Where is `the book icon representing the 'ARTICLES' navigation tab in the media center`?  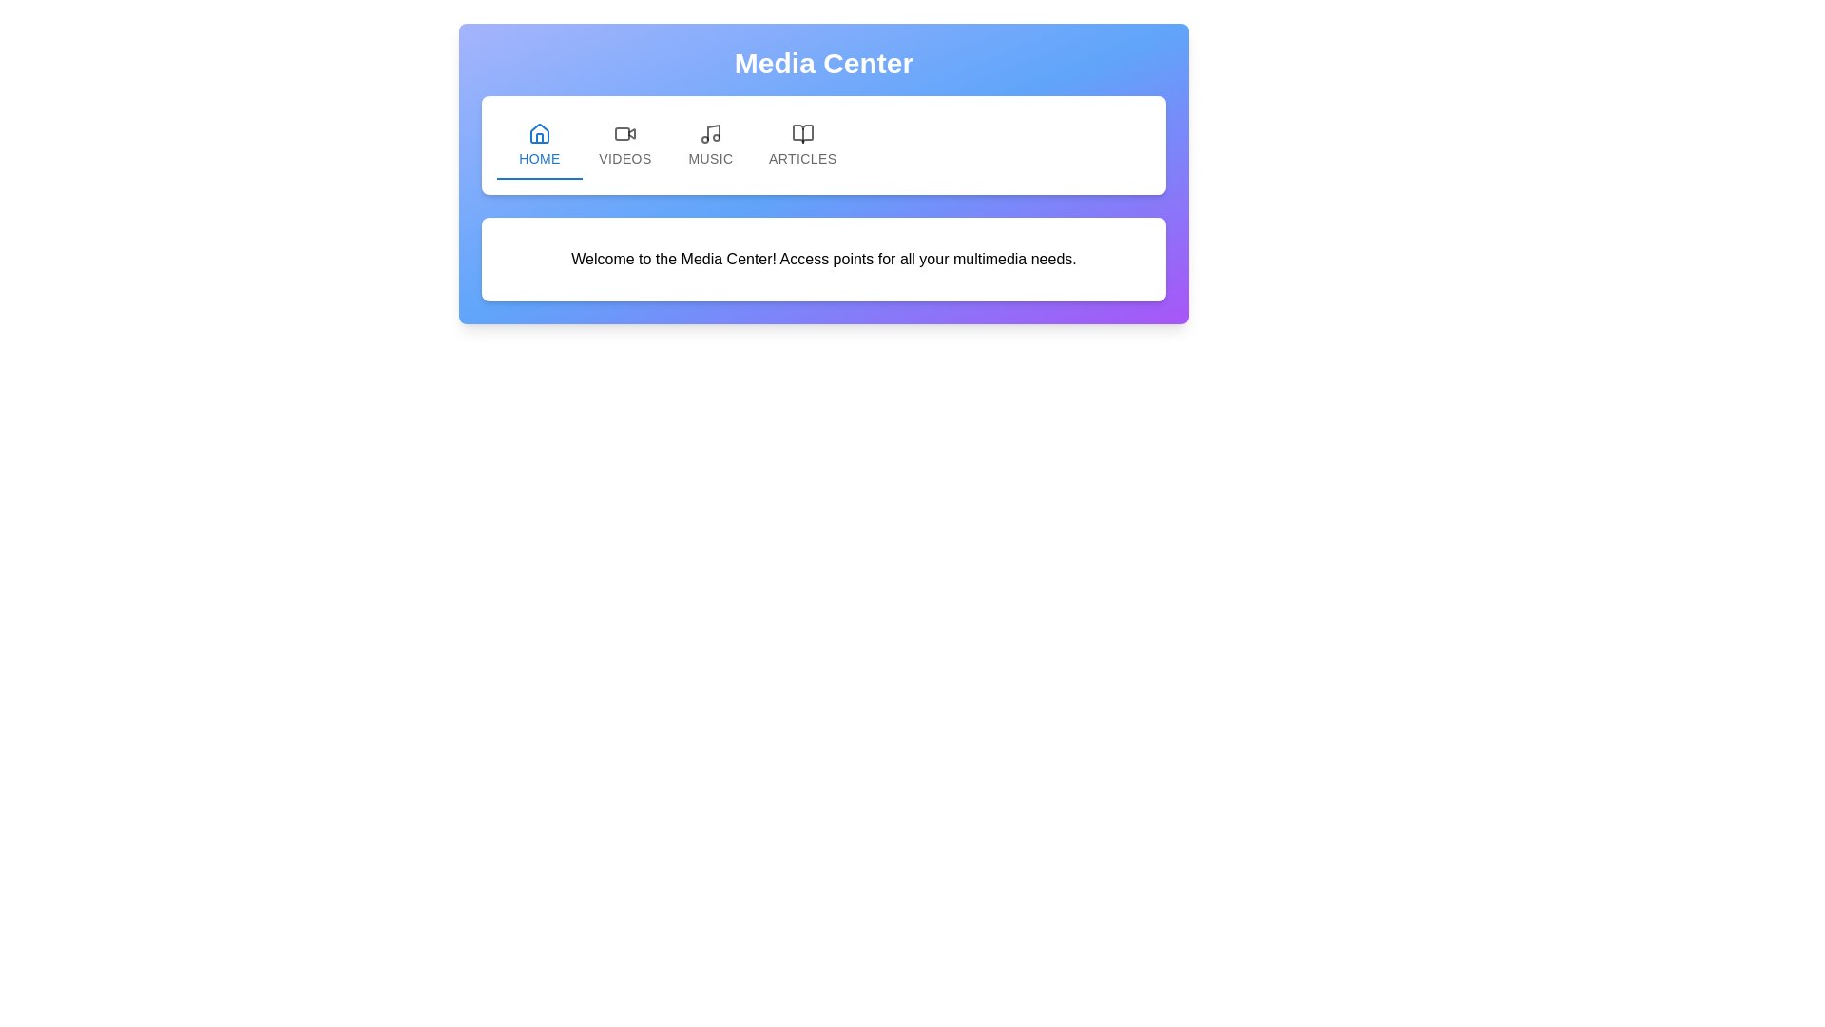 the book icon representing the 'ARTICLES' navigation tab in the media center is located at coordinates (802, 133).